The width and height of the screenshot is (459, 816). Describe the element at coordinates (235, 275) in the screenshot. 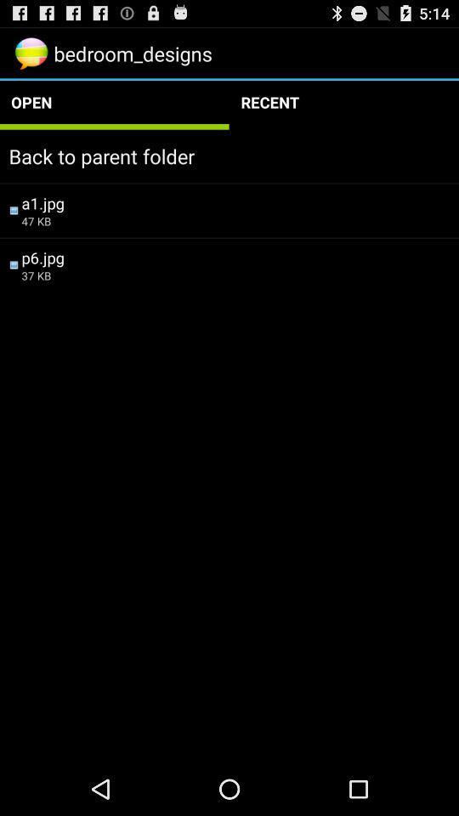

I see `the item at the center` at that location.